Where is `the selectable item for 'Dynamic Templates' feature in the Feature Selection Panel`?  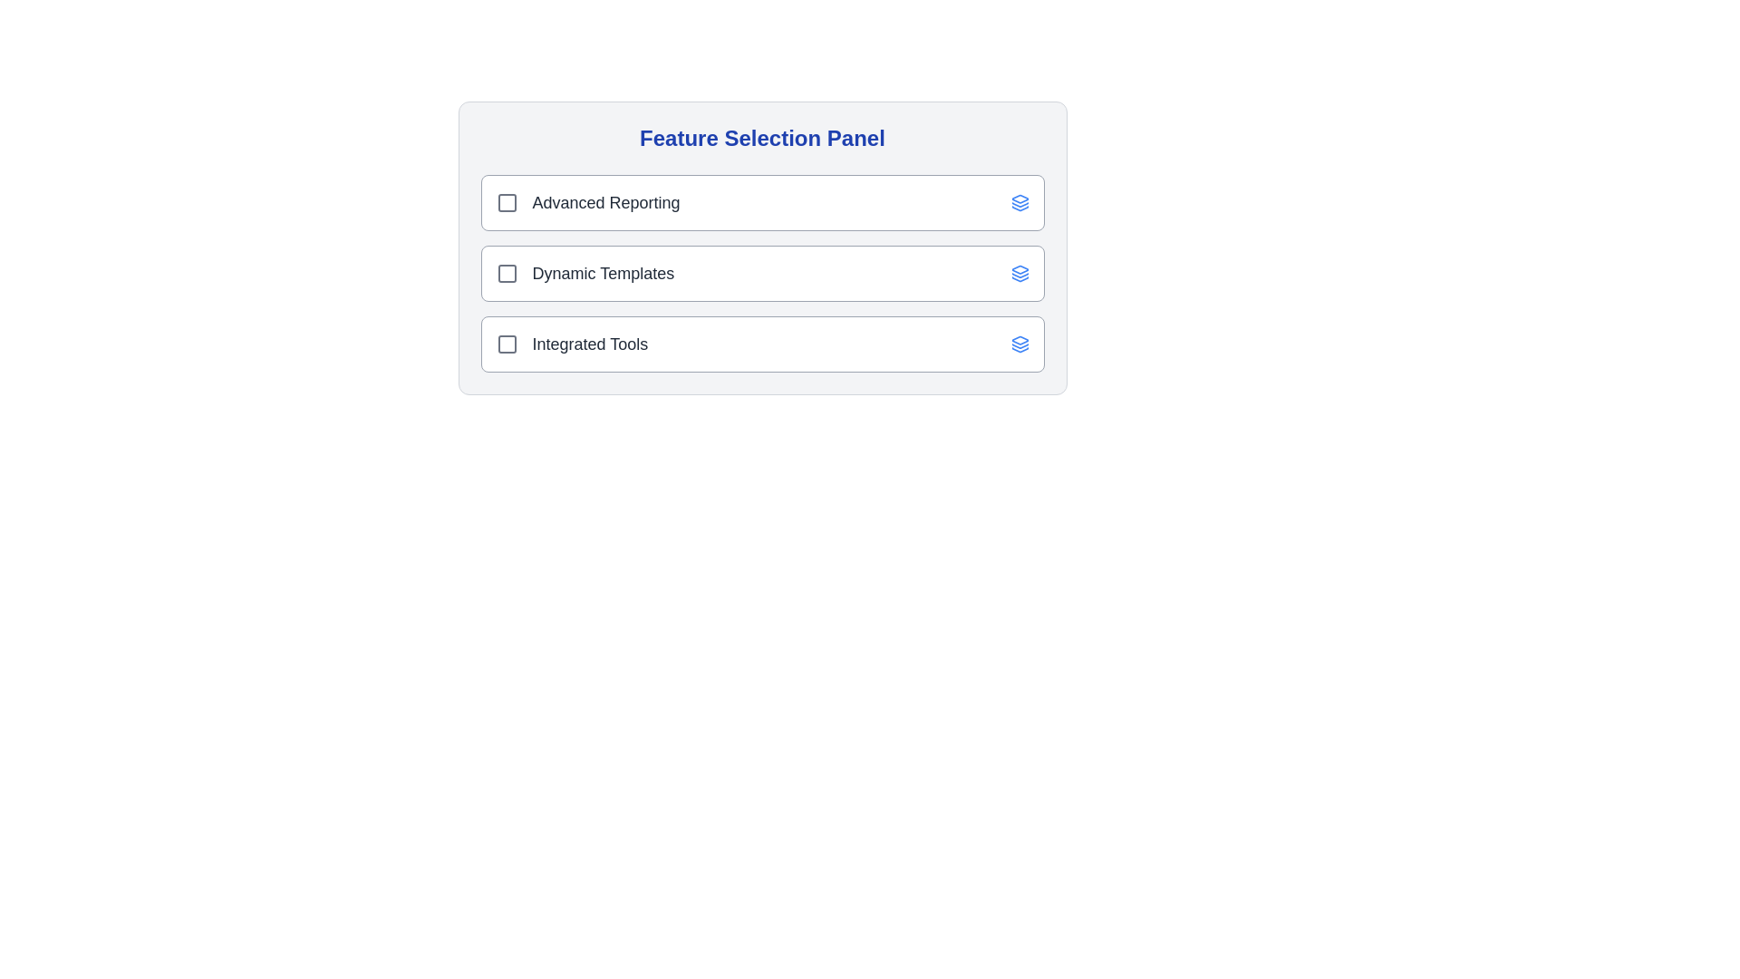 the selectable item for 'Dynamic Templates' feature in the Feature Selection Panel is located at coordinates (762, 273).